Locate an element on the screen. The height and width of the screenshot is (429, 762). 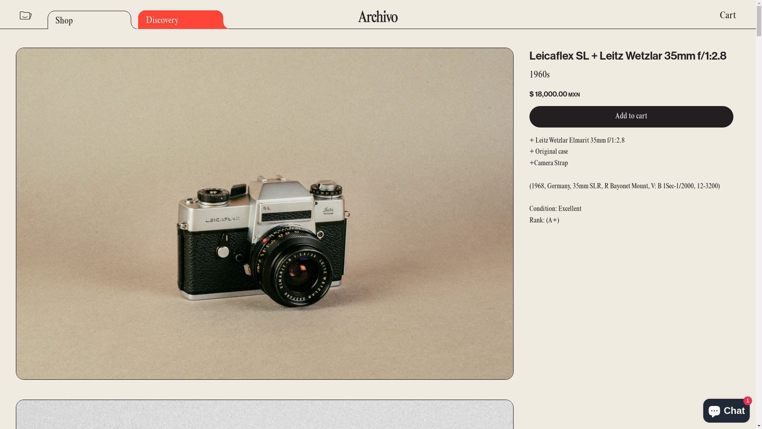
'Add to cart' is located at coordinates (631, 116).